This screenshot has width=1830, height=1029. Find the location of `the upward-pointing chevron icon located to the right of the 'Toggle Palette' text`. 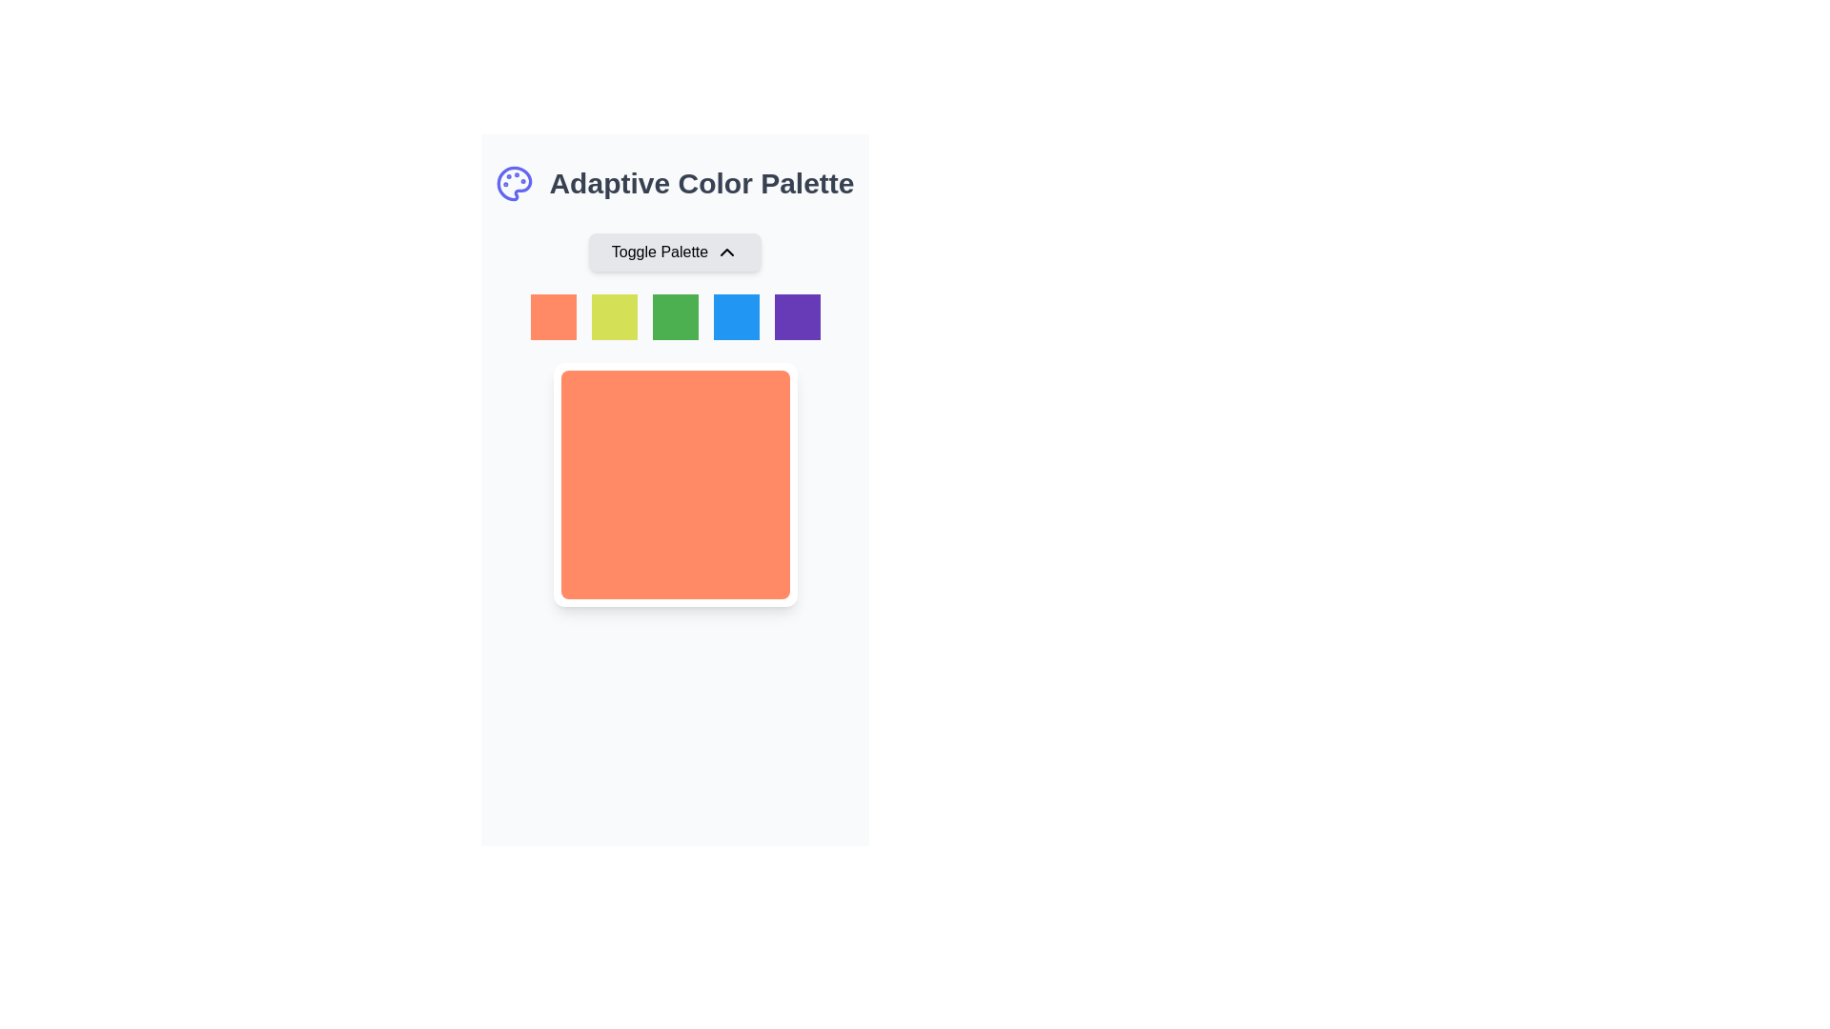

the upward-pointing chevron icon located to the right of the 'Toggle Palette' text is located at coordinates (726, 252).